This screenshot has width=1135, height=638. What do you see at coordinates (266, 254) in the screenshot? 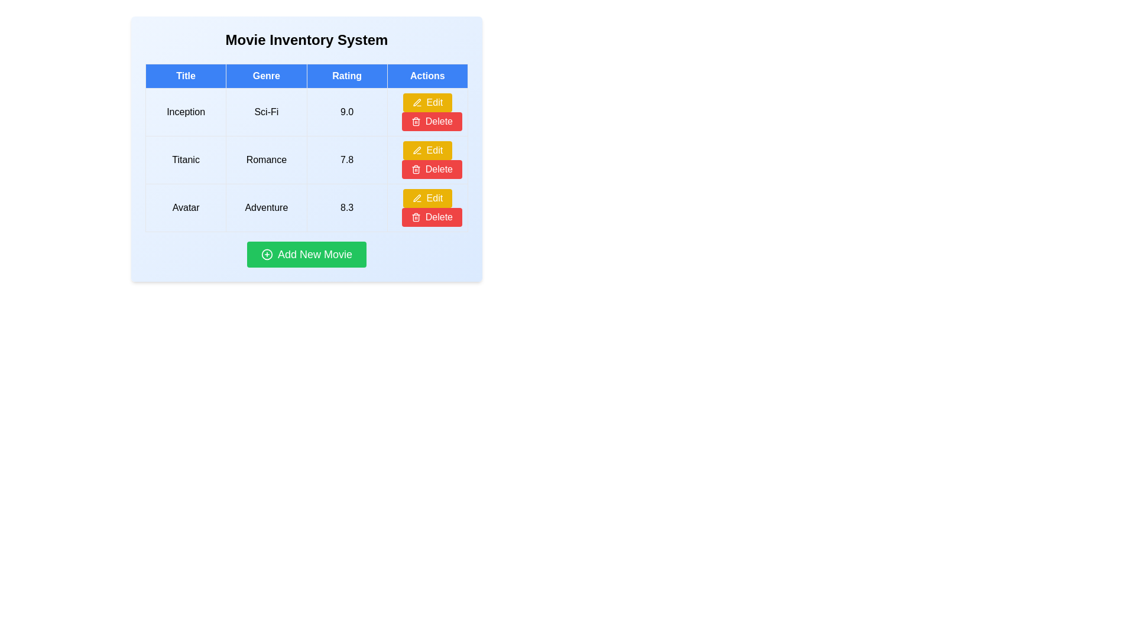
I see `the 'Add' icon component located at the center of the green 'Add New Movie' button by clicking on it` at bounding box center [266, 254].